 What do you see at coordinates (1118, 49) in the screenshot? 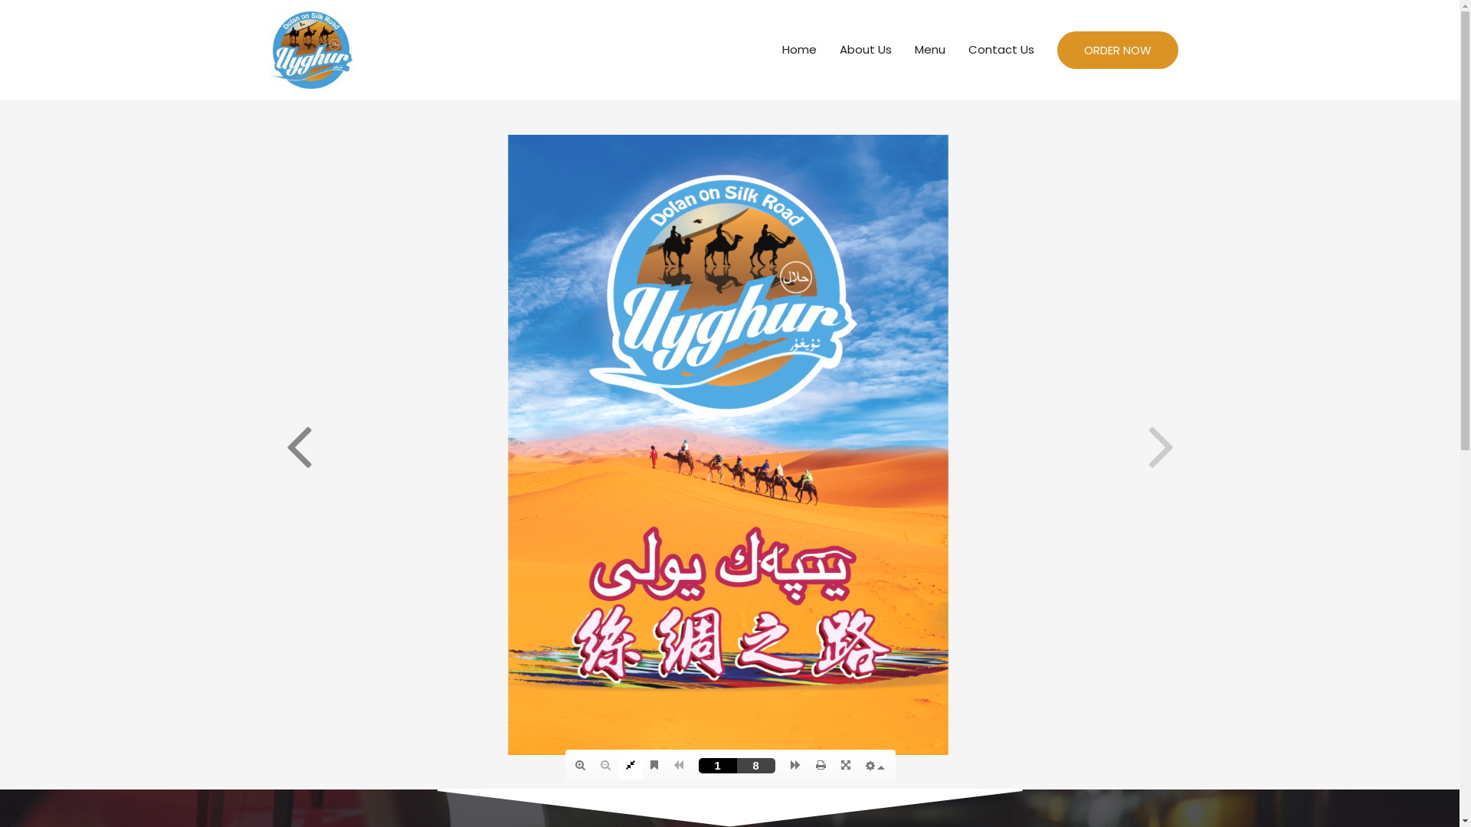
I see `'ORDER NOW'` at bounding box center [1118, 49].